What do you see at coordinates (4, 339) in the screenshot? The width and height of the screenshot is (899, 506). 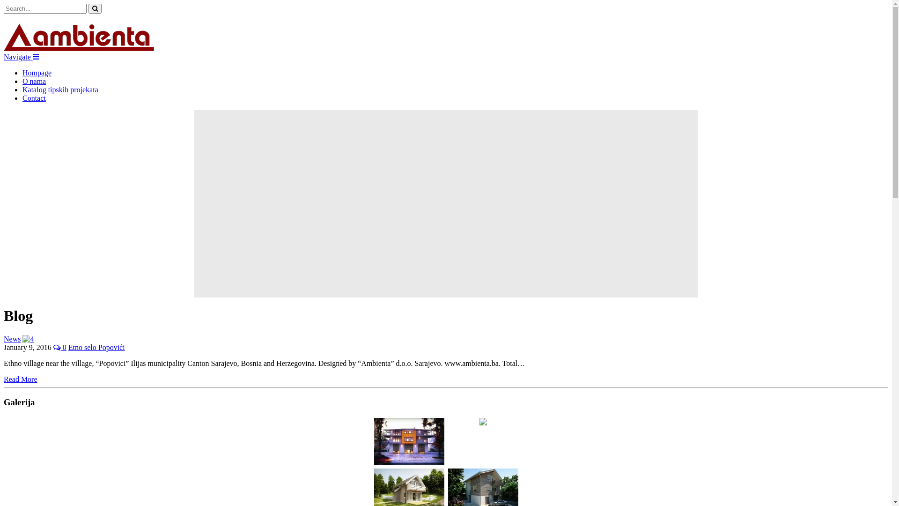 I see `'News'` at bounding box center [4, 339].